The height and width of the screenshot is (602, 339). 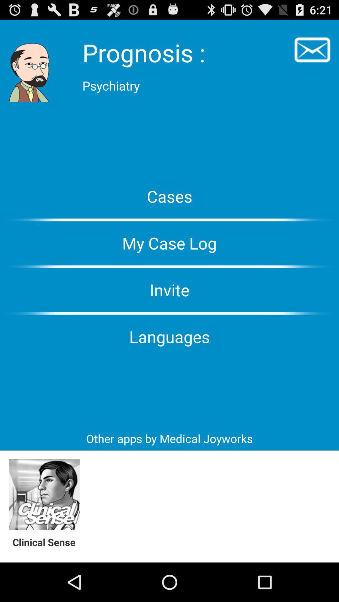 What do you see at coordinates (44, 494) in the screenshot?
I see `clinical sense` at bounding box center [44, 494].